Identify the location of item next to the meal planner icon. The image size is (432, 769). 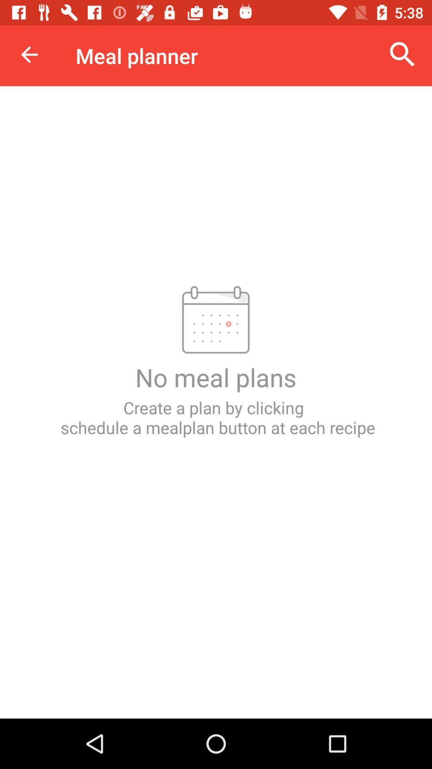
(402, 54).